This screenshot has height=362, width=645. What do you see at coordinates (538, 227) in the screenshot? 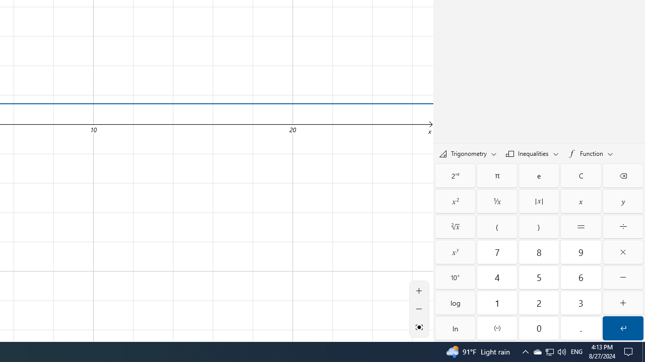
I see `'Right parenthesis'` at bounding box center [538, 227].